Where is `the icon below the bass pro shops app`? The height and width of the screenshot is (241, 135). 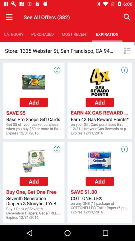
the icon below the bass pro shops app is located at coordinates (34, 126).